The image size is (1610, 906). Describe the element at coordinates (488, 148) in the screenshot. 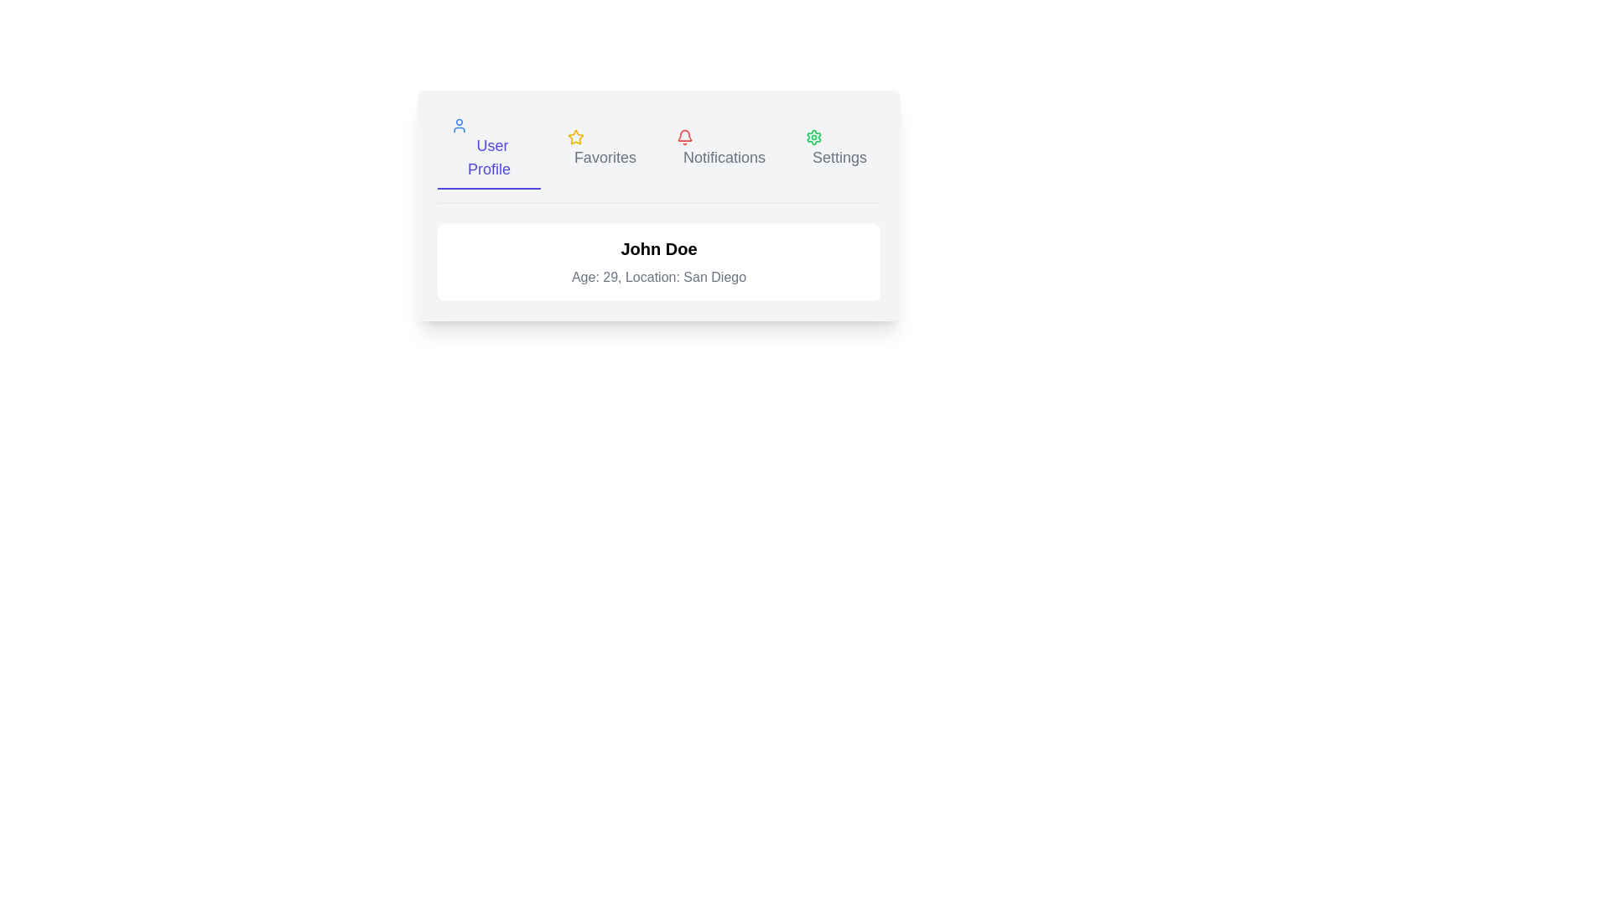

I see `the first tab from the left in the horizontal navigation bar` at that location.